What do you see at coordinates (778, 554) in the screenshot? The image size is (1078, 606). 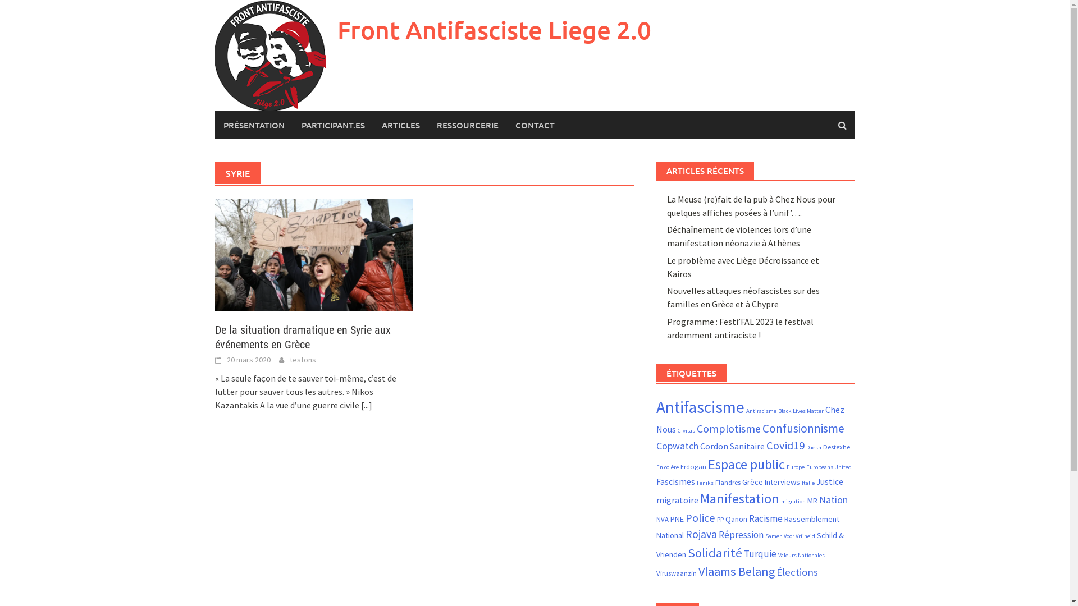 I see `'Valeurs Nationales'` at bounding box center [778, 554].